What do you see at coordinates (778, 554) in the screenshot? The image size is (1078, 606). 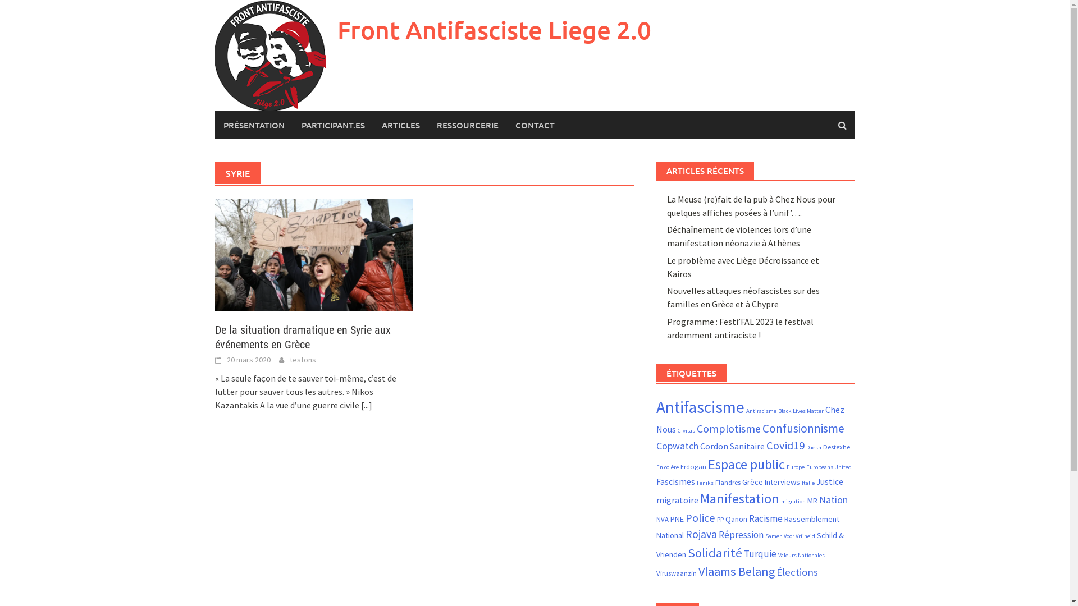 I see `'Valeurs Nationales'` at bounding box center [778, 554].